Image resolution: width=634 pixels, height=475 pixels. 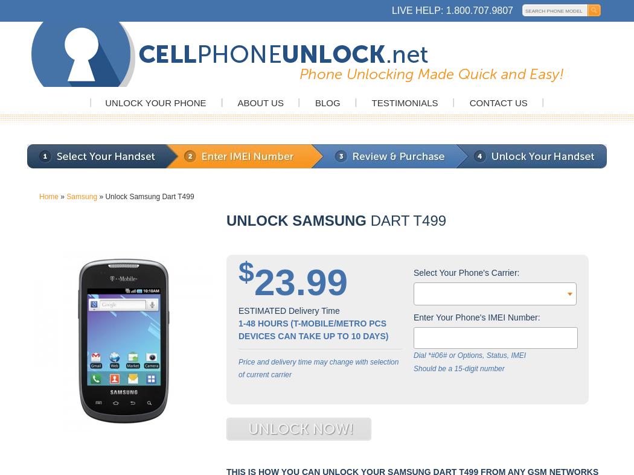 What do you see at coordinates (414, 316) in the screenshot?
I see `'Enter Your Phone's IMEI Number:'` at bounding box center [414, 316].